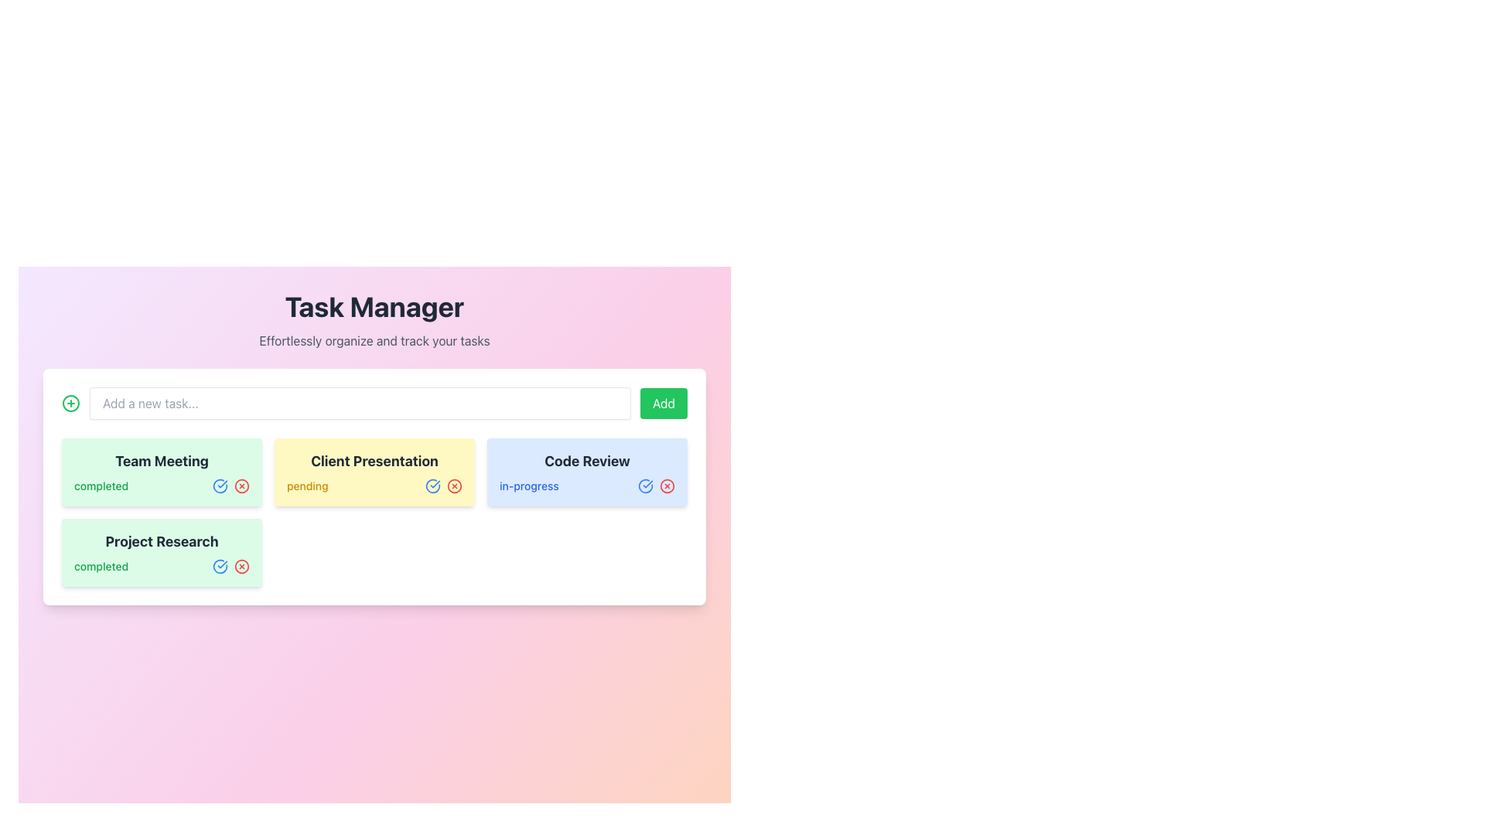  I want to click on the text label displaying 'pending' in lowercase, styled in yellow on a light yellow background, located within the 'Client Presentation' section, so click(307, 485).